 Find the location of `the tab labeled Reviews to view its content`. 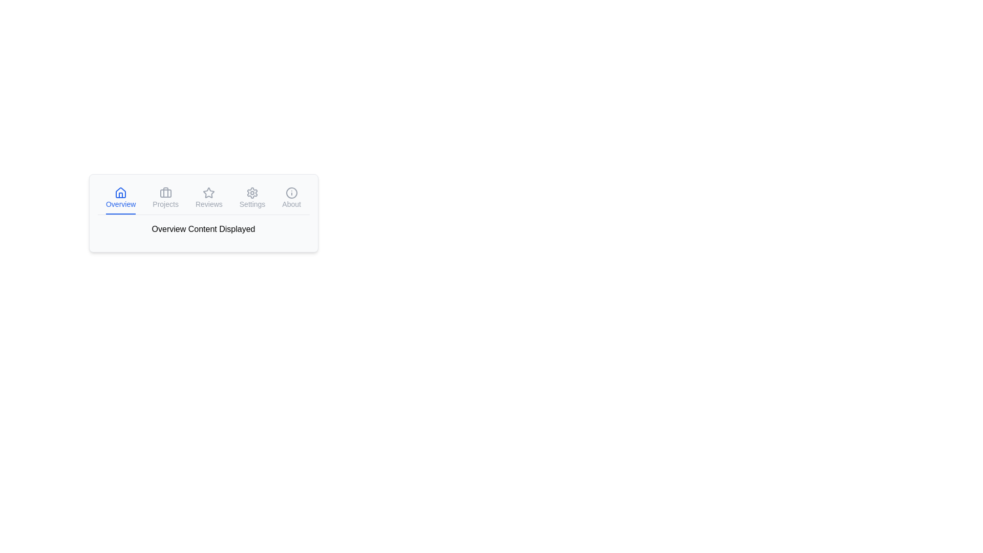

the tab labeled Reviews to view its content is located at coordinates (208, 199).